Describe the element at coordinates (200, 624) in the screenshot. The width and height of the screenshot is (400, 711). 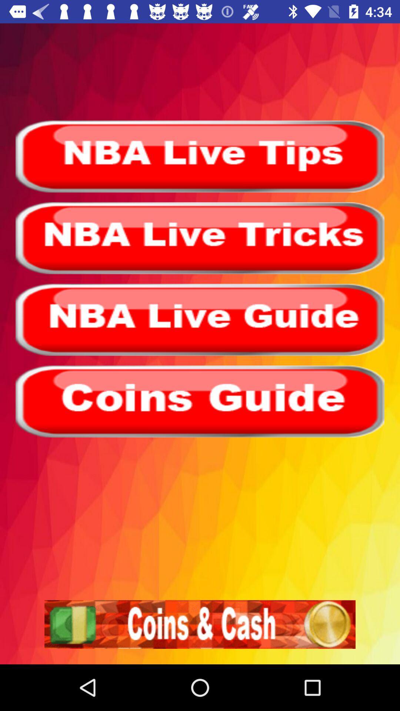
I see `open cash store` at that location.